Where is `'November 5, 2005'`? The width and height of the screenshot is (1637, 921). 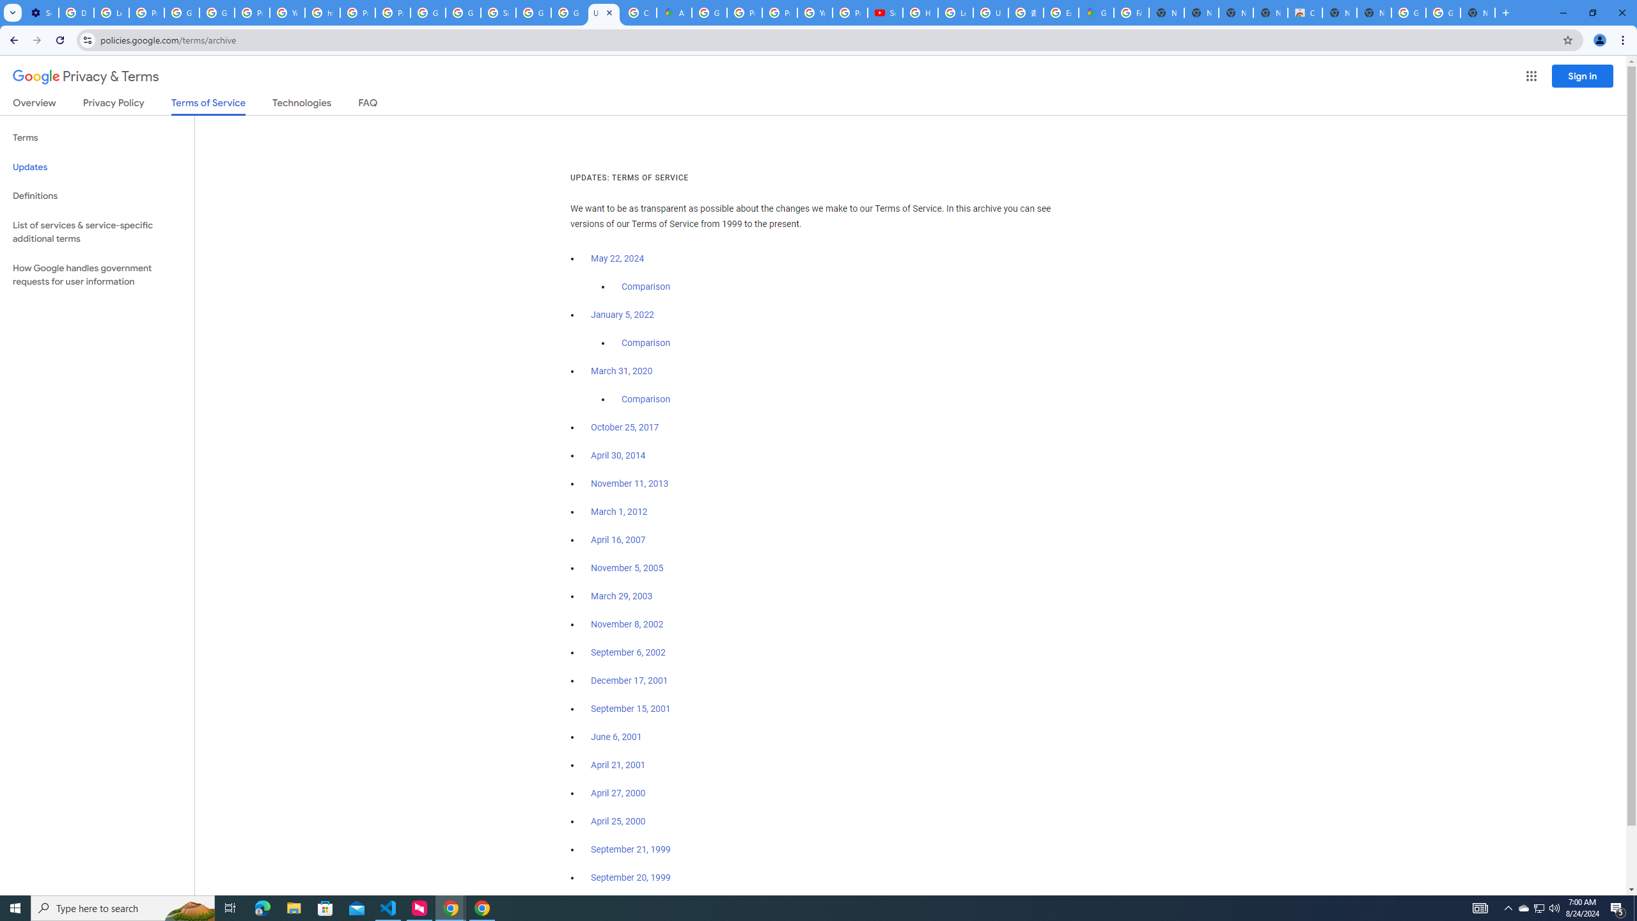 'November 5, 2005' is located at coordinates (626, 568).